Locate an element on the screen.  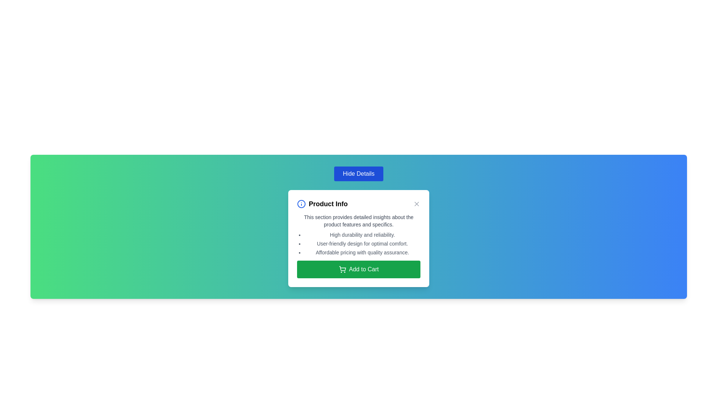
the circular blue icon containing a lowercase 'i' located to the left of the 'Product Info' text header is located at coordinates (301, 204).